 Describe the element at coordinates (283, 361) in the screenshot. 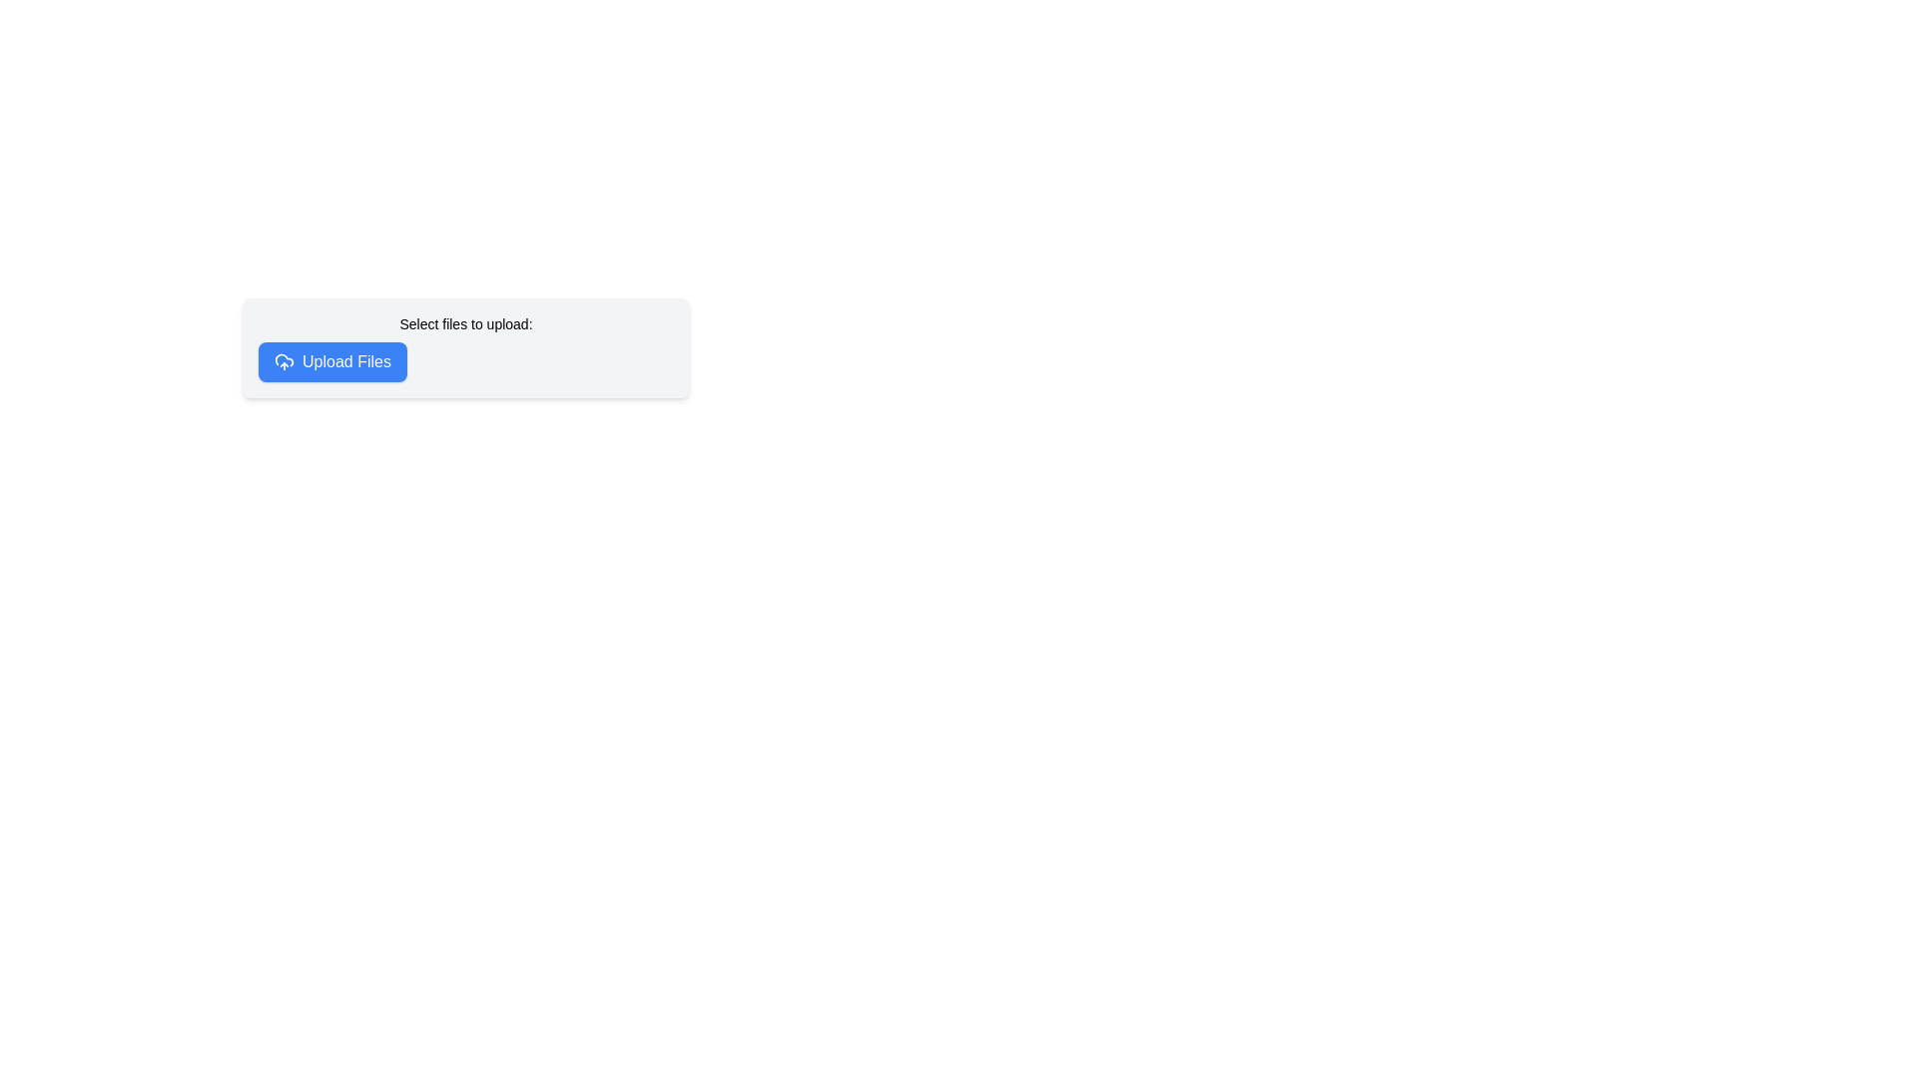

I see `the upload icon located near the left edge of the blue button labeled 'Upload Files', specifically towards its center-left section` at that location.